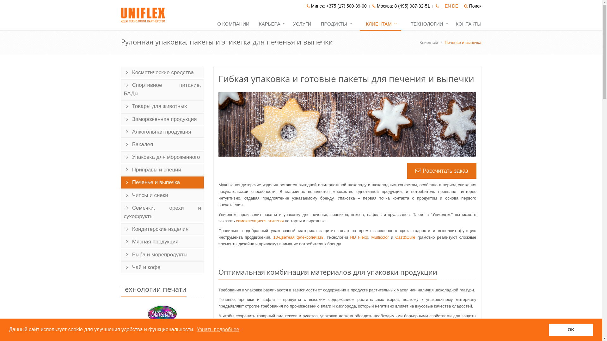 The width and height of the screenshot is (607, 341). Describe the element at coordinates (447, 6) in the screenshot. I see `'EN'` at that location.